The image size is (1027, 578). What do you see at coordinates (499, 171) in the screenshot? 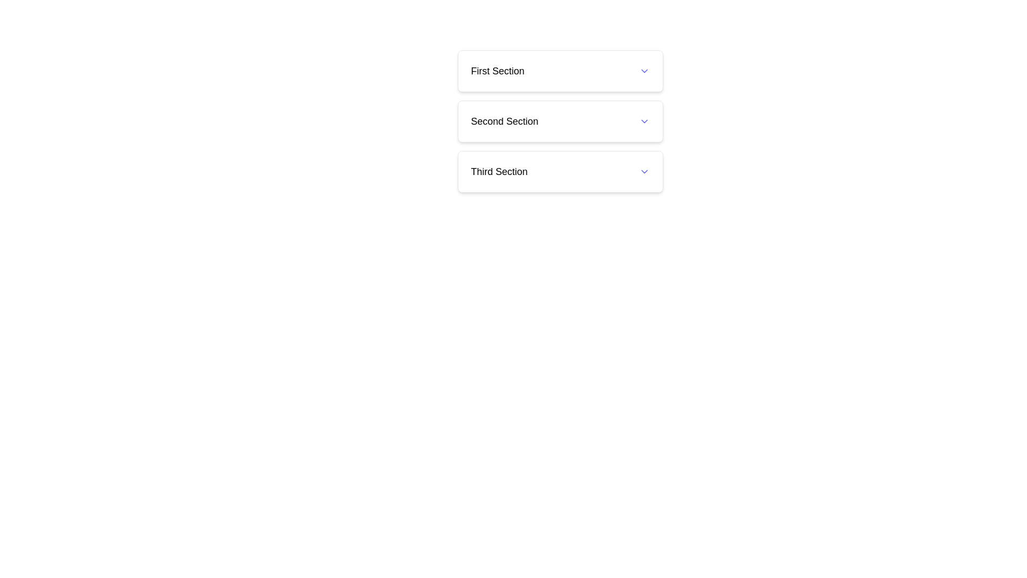
I see `the label indicating the title of the third section in the collapsible menu, located directly below the 'Second Section' label` at bounding box center [499, 171].